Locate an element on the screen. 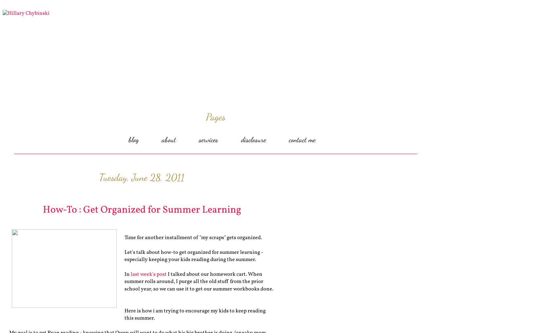  'How-To : Get Organized for Summer Learning' is located at coordinates (142, 209).